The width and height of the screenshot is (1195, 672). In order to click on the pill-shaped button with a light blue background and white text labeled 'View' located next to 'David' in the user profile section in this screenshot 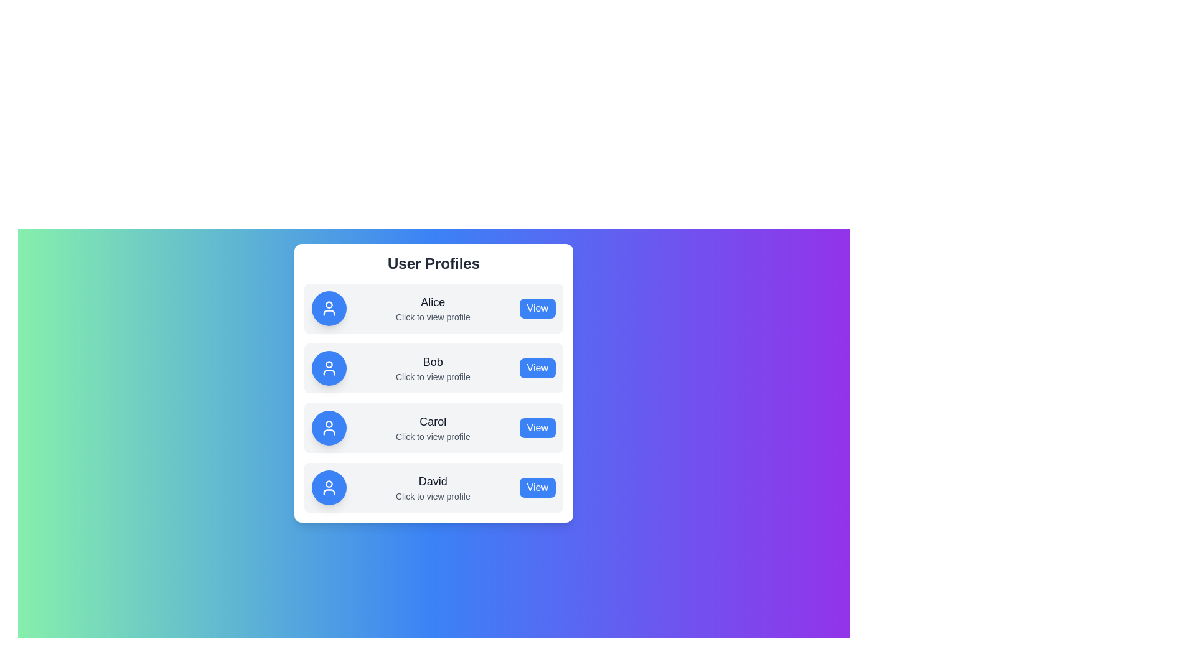, I will do `click(537, 487)`.